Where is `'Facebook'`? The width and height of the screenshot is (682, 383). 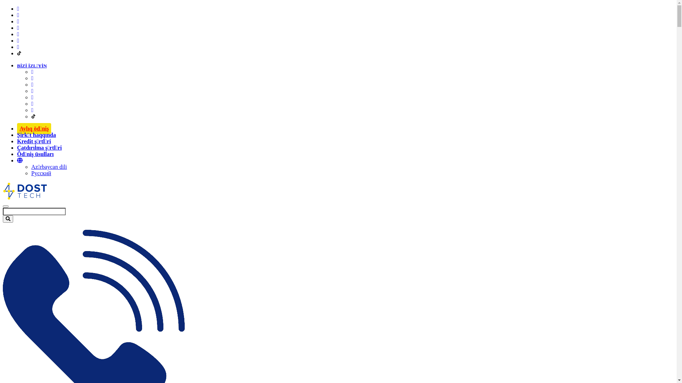 'Facebook' is located at coordinates (32, 72).